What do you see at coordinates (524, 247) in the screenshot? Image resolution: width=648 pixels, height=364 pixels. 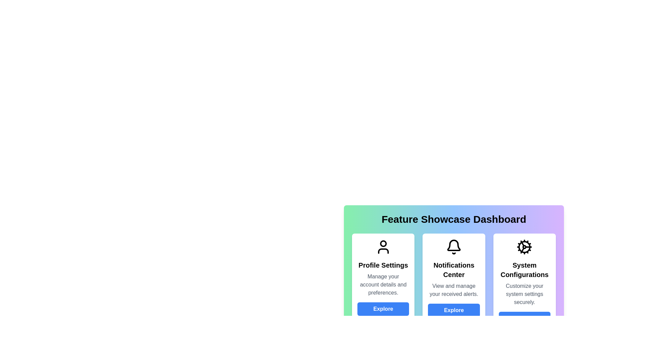 I see `the cogwheel icon representing 'System Configurations' located at the rightmost position among a row of three cards under the 'Feature Showcase Dashboard'` at bounding box center [524, 247].